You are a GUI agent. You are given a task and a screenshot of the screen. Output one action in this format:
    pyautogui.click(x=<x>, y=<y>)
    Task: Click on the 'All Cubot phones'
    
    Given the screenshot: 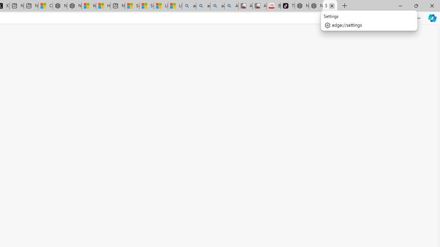 What is the action you would take?
    pyautogui.click(x=259, y=6)
    